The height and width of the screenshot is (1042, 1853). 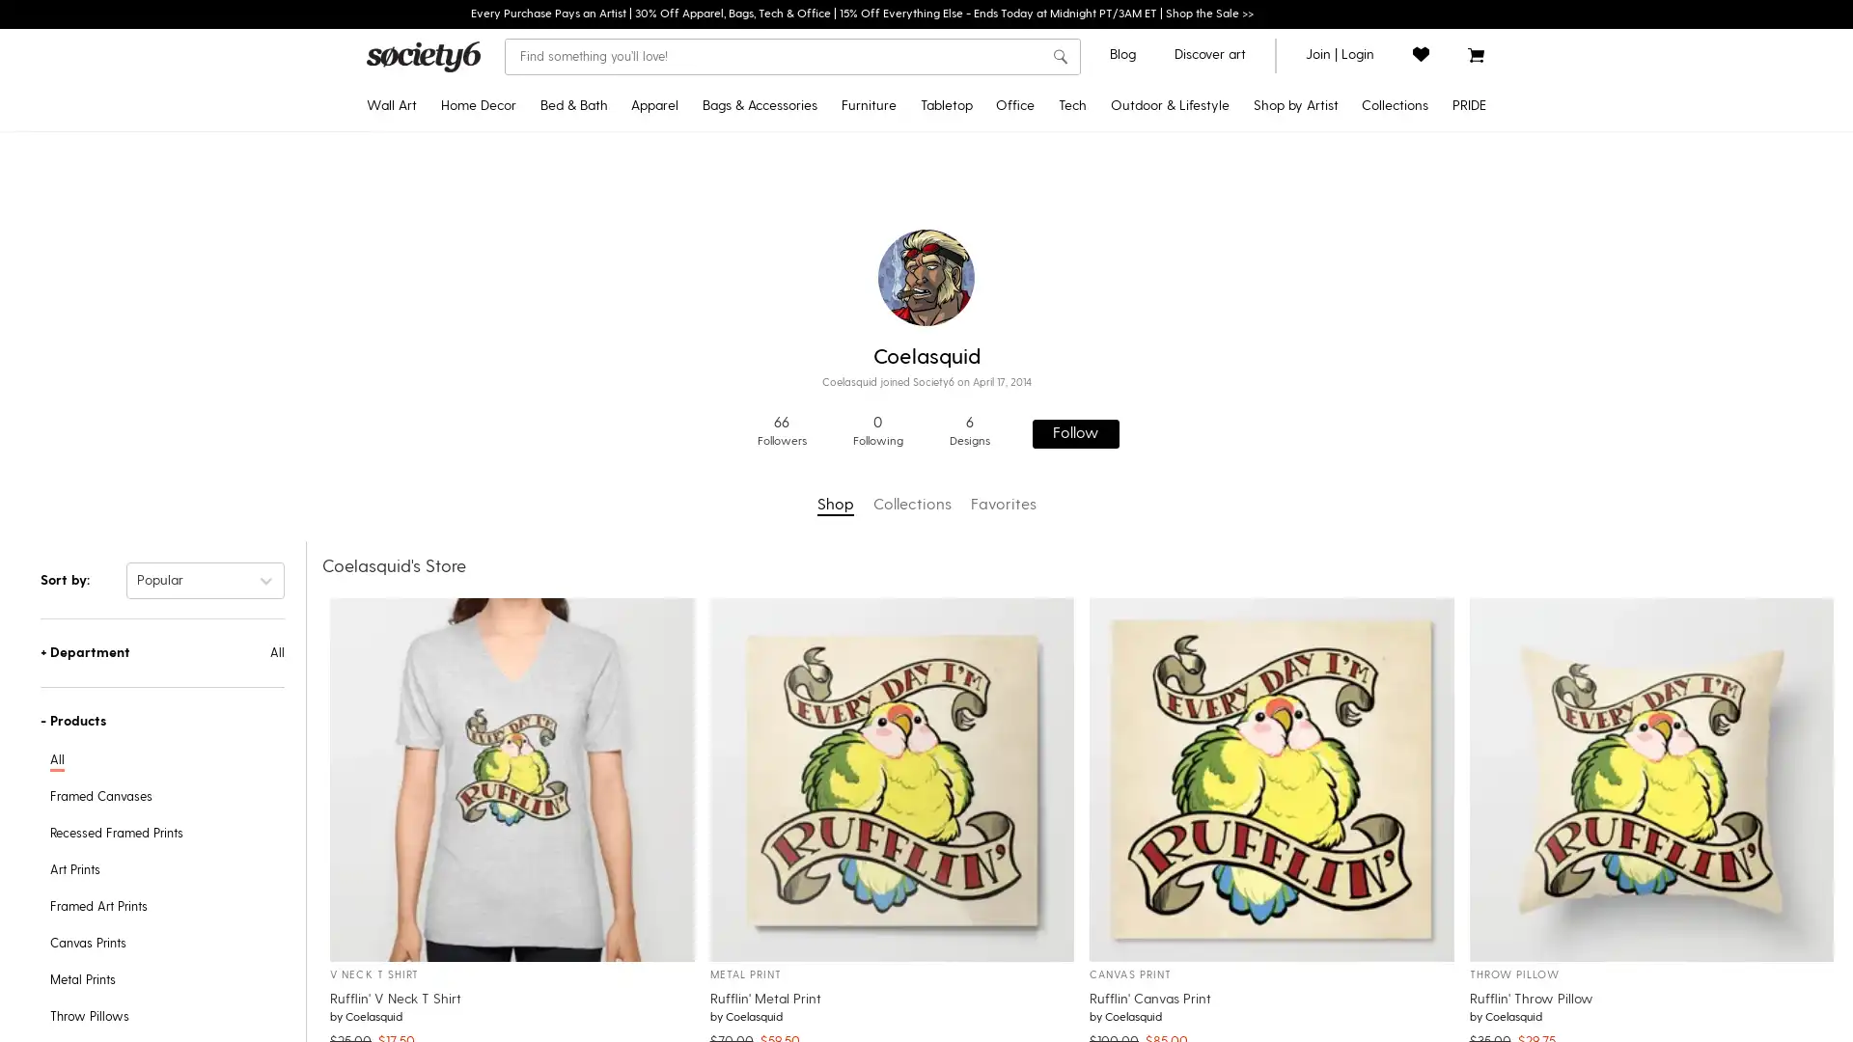 What do you see at coordinates (773, 371) in the screenshot?
I see `Face Masks` at bounding box center [773, 371].